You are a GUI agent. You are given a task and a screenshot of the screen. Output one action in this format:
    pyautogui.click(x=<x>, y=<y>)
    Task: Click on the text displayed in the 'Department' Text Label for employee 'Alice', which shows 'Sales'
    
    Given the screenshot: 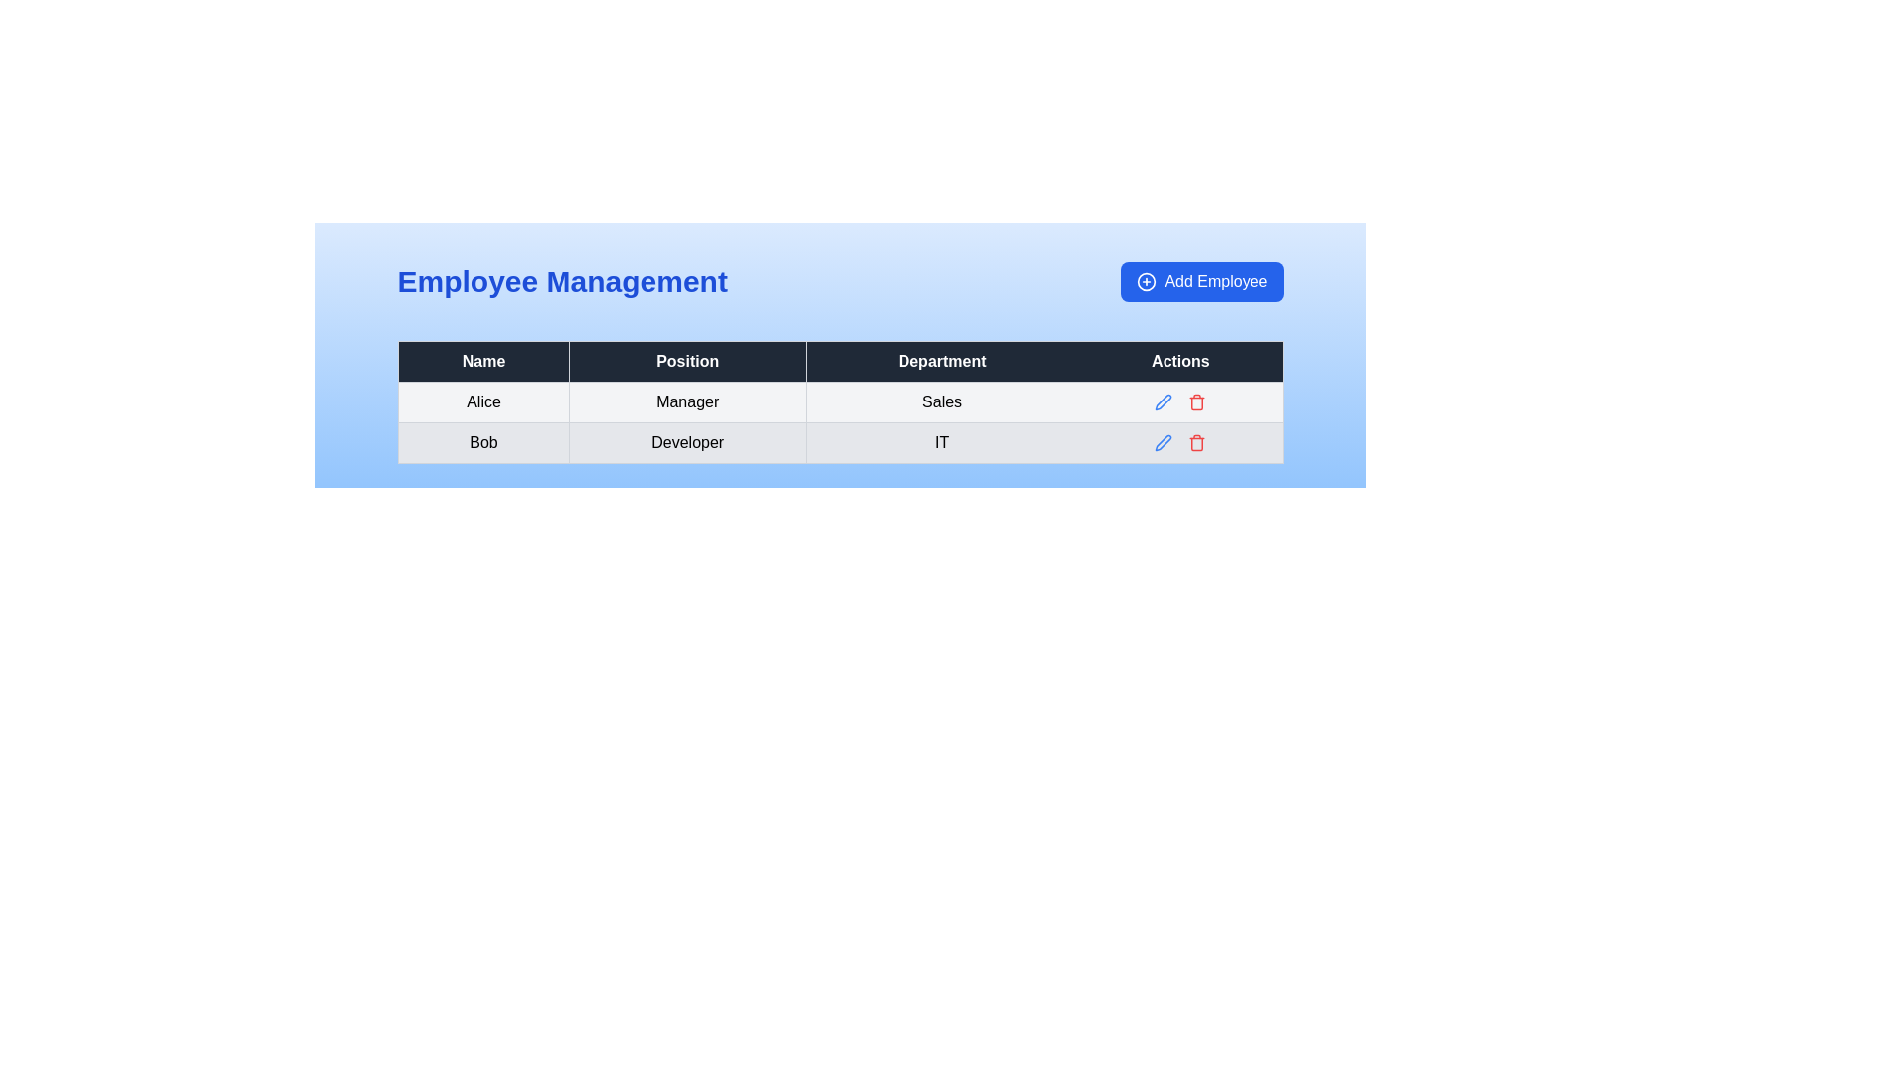 What is the action you would take?
    pyautogui.click(x=941, y=401)
    